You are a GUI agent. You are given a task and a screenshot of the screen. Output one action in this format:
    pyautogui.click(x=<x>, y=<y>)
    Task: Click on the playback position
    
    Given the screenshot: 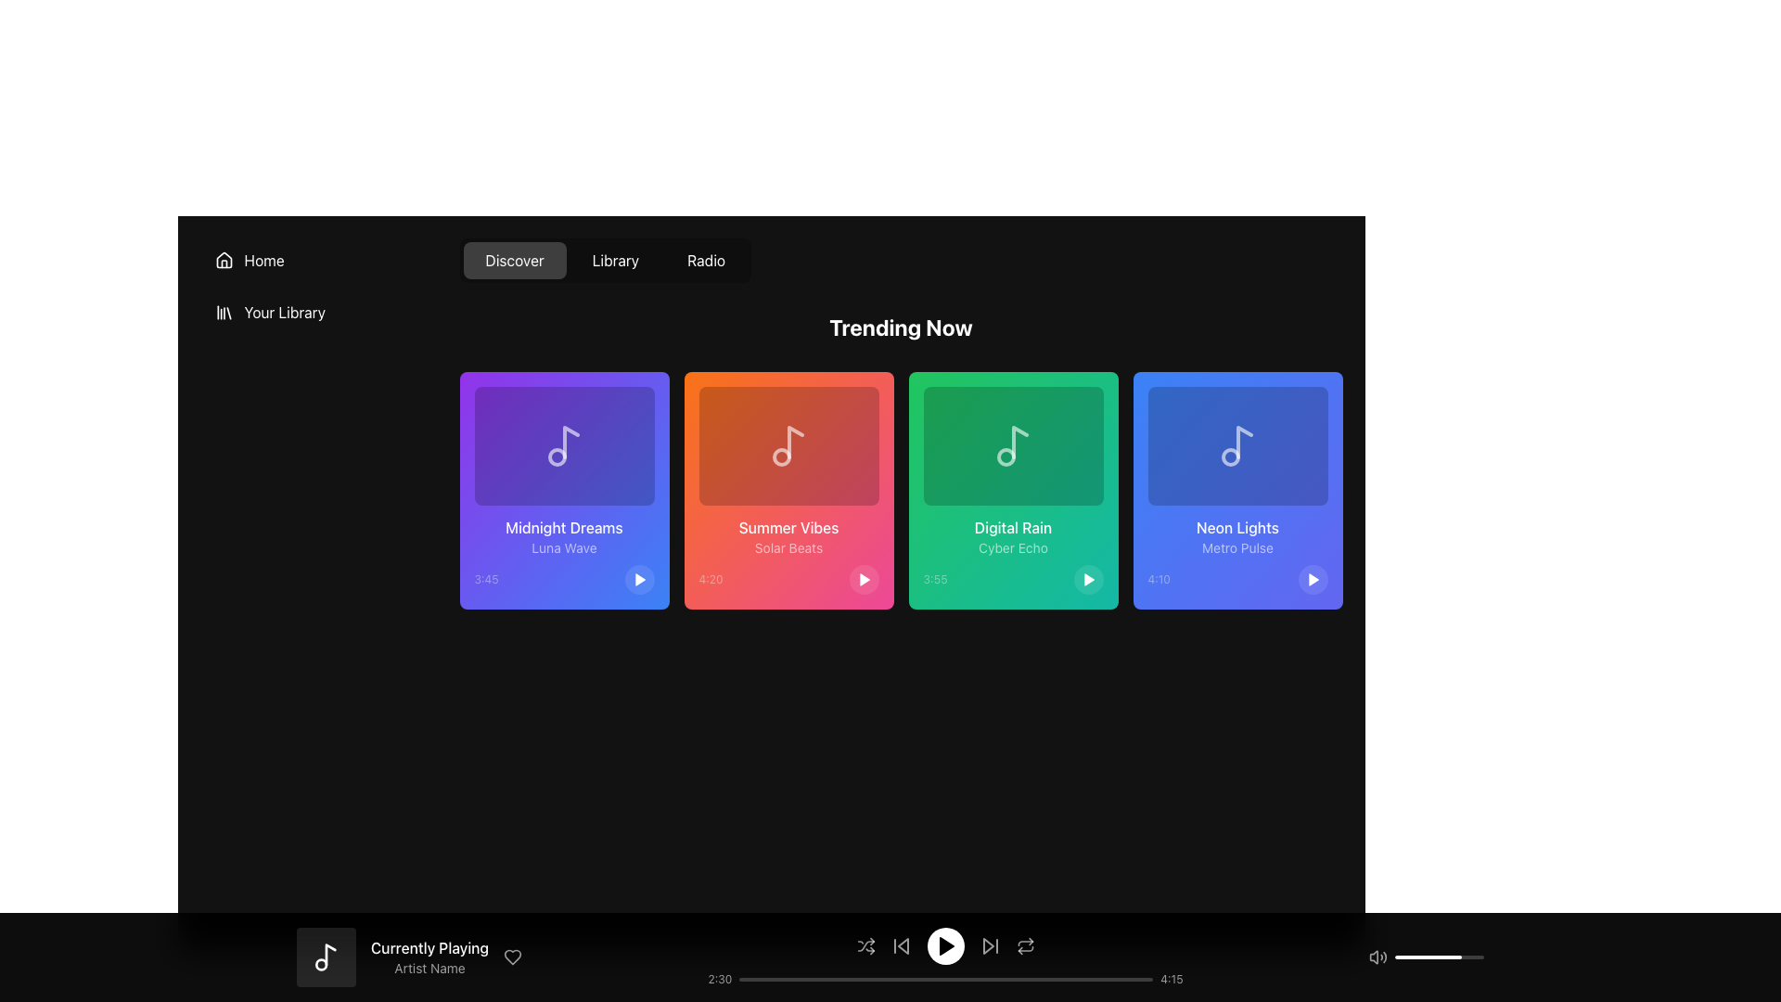 What is the action you would take?
    pyautogui.click(x=1050, y=979)
    